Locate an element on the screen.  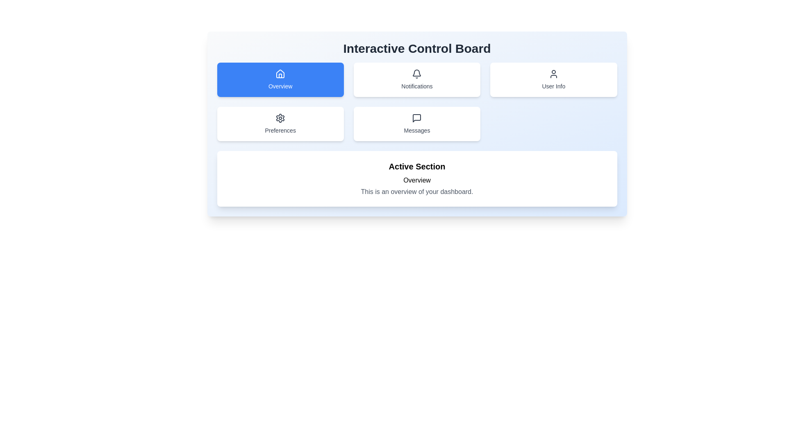
the text label displaying 'This is an overview of your dashboard.' which is located below the title 'Overview' in the white card-like section is located at coordinates (417, 192).